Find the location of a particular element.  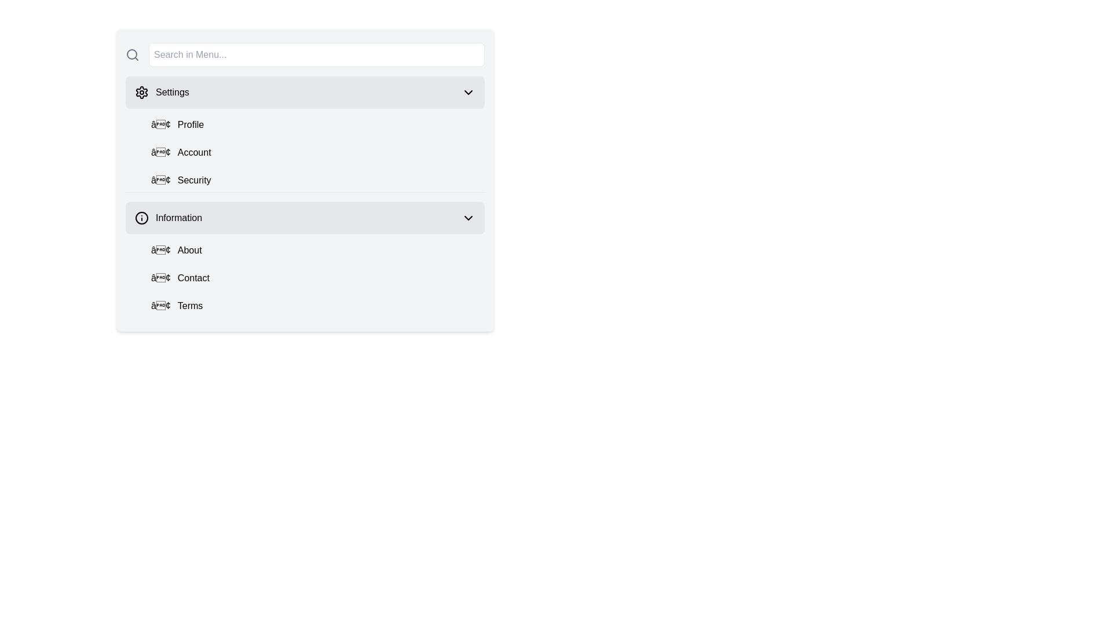

the settings icon located to the left of the 'Settings' label within the settings menu is located at coordinates (141, 91).